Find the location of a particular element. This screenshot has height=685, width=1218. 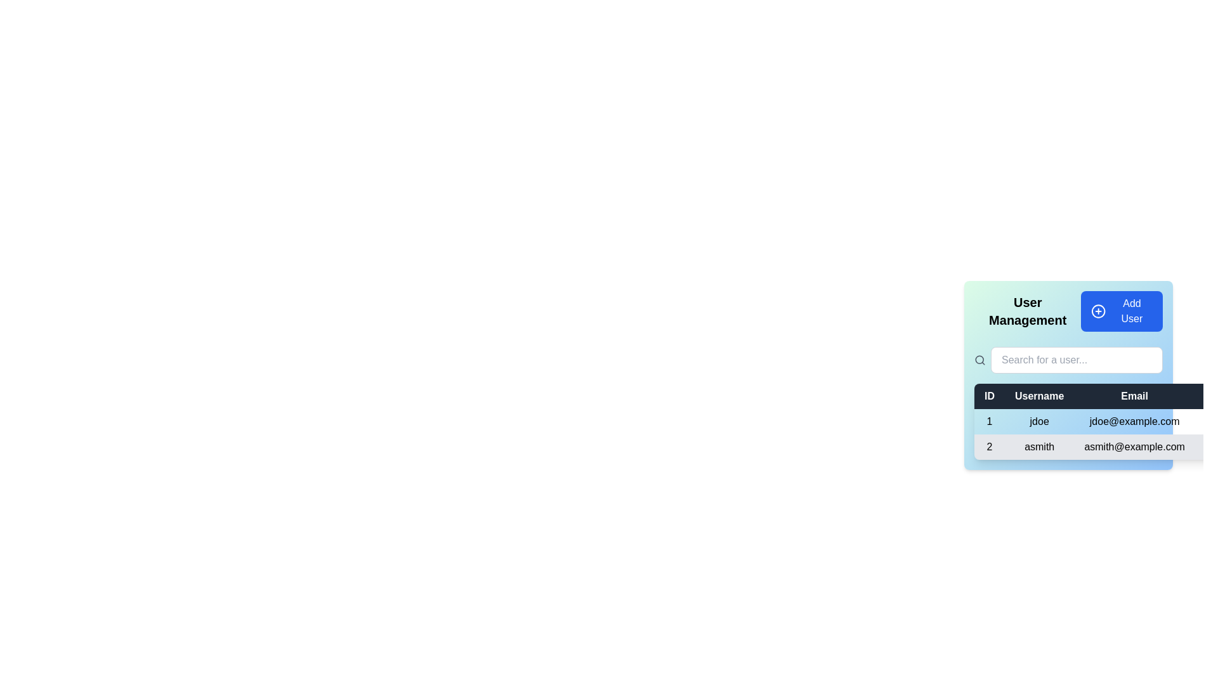

label that displays the numerical ID for user 'asmith' in the second data row of the table under the 'ID' column is located at coordinates (989, 447).